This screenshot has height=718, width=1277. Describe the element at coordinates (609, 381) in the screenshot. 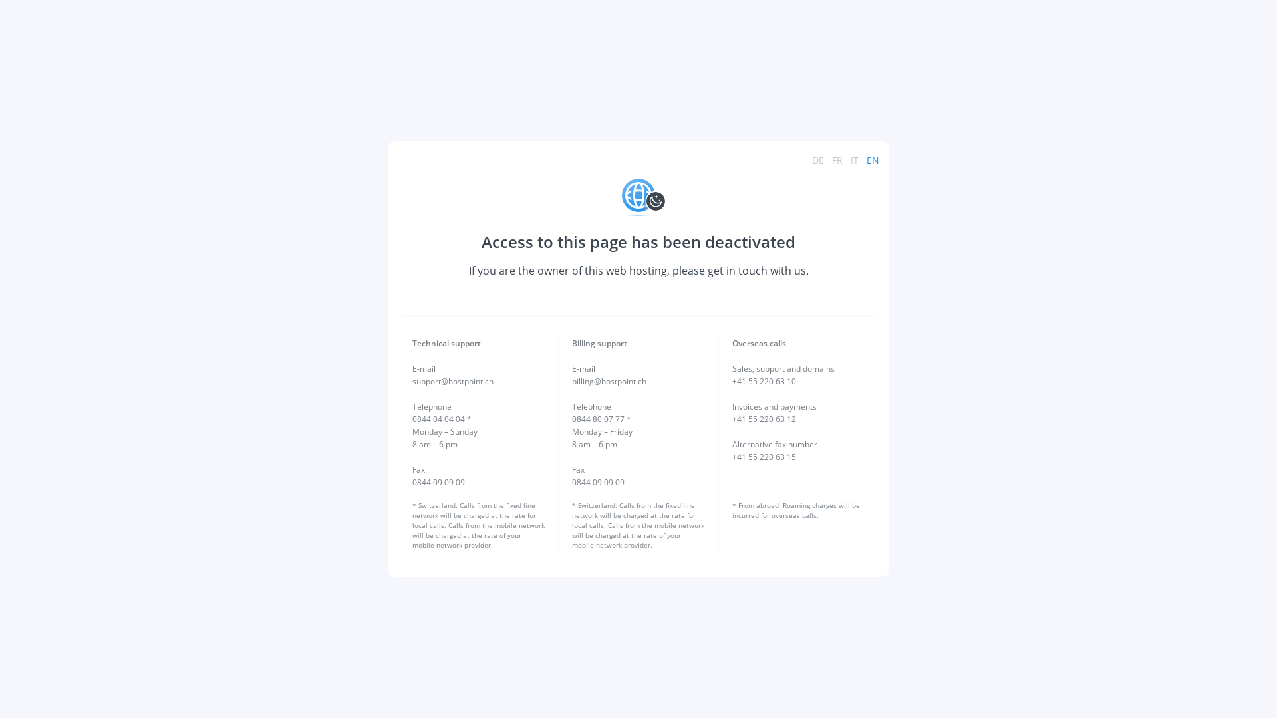

I see `'billing@hostpoint.ch'` at that location.